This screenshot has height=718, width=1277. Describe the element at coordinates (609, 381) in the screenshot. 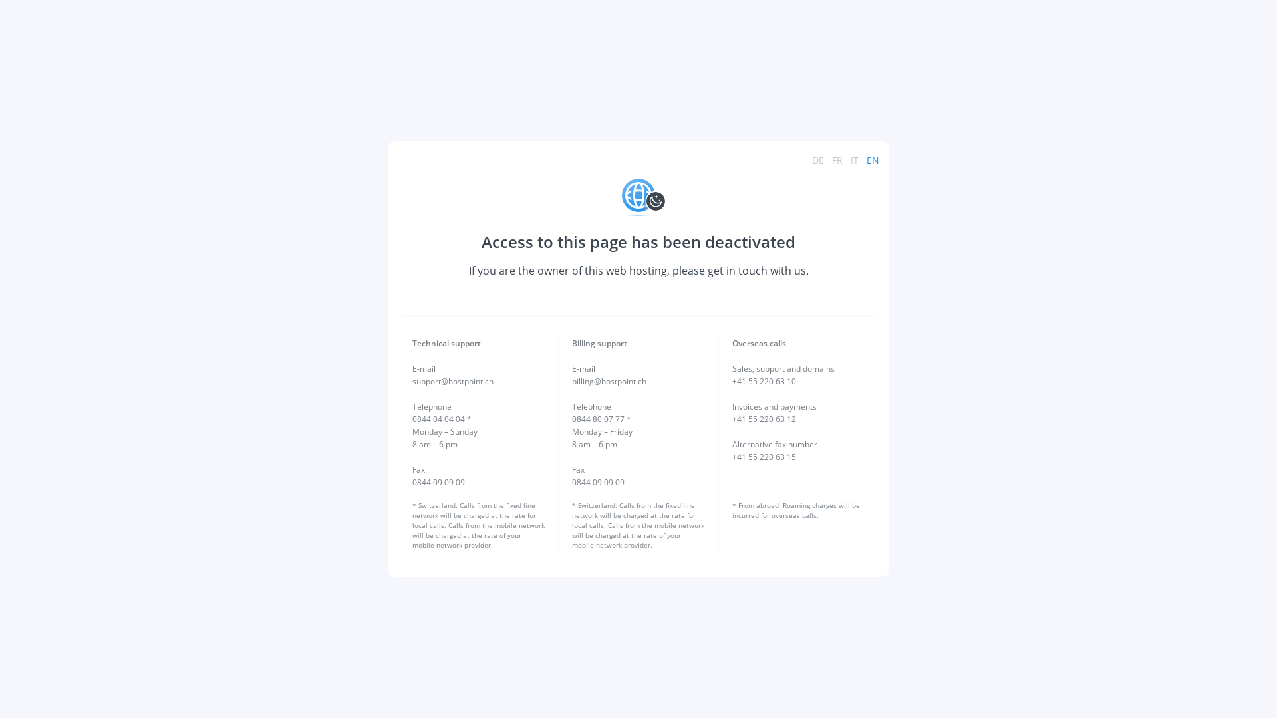

I see `'billing@hostpoint.ch'` at that location.